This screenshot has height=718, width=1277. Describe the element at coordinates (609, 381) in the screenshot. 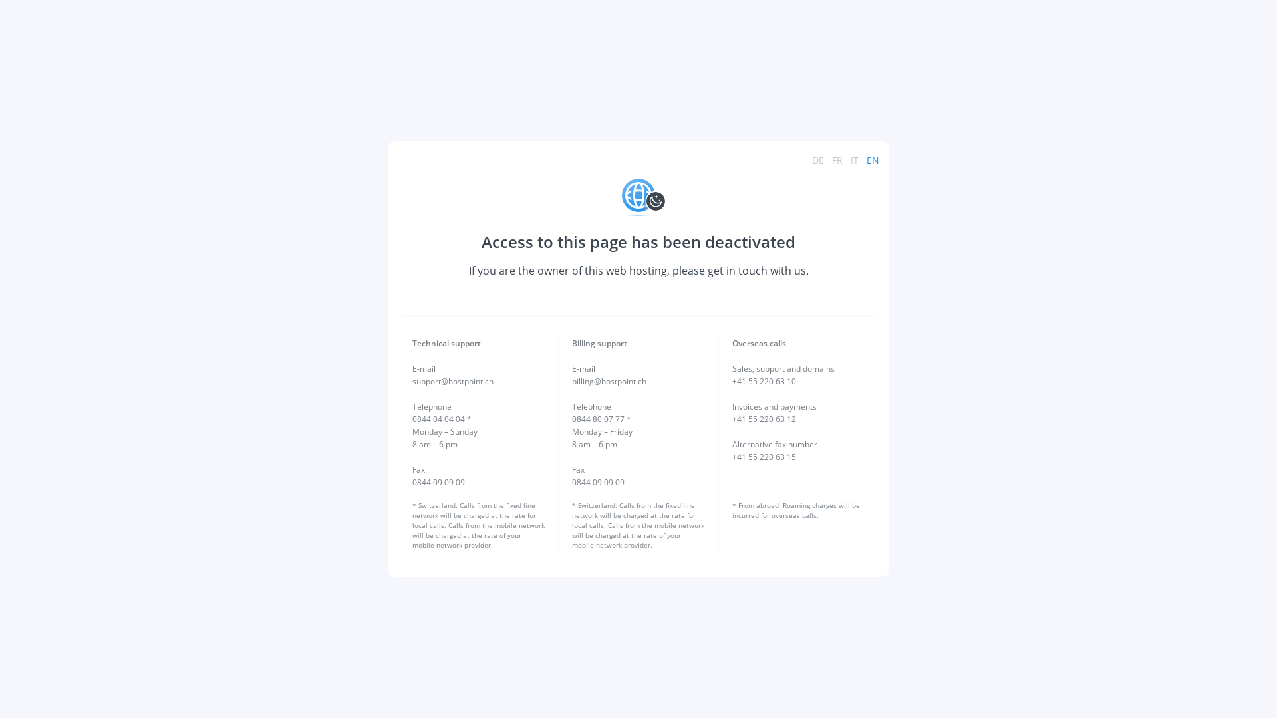

I see `'billing@hostpoint.ch'` at that location.